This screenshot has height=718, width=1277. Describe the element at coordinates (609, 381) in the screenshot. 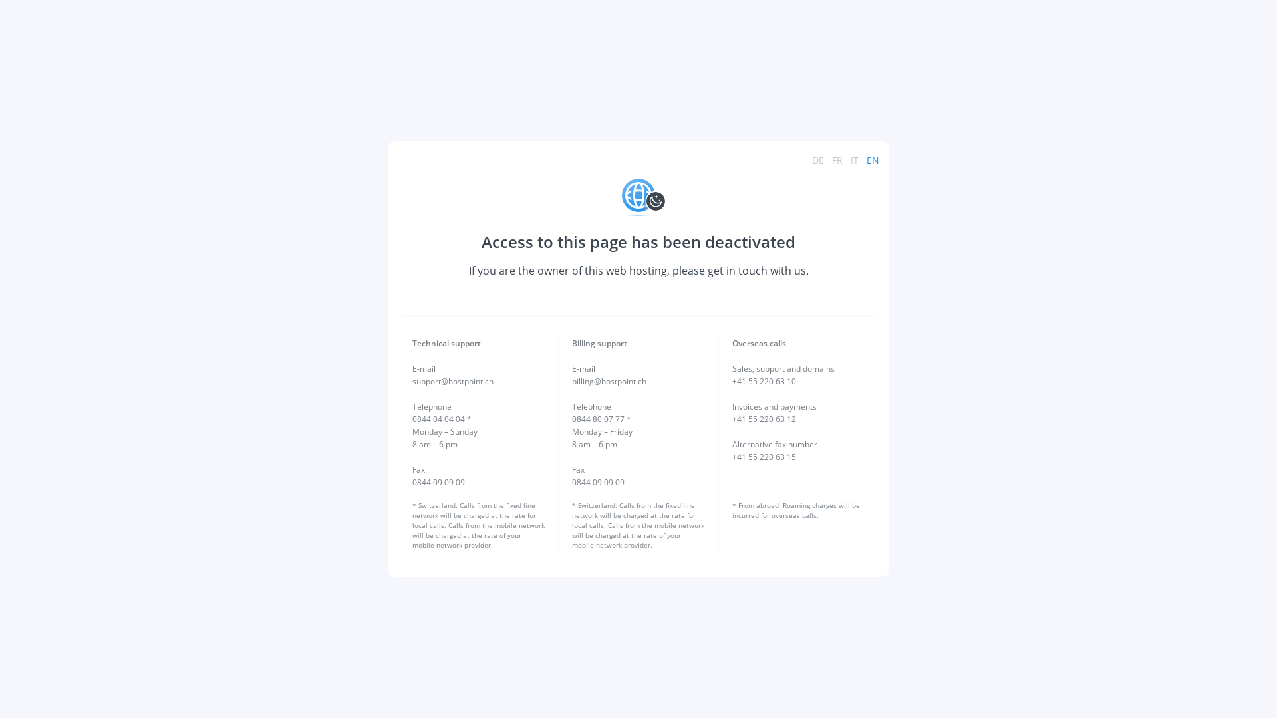

I see `'billing@hostpoint.ch'` at that location.